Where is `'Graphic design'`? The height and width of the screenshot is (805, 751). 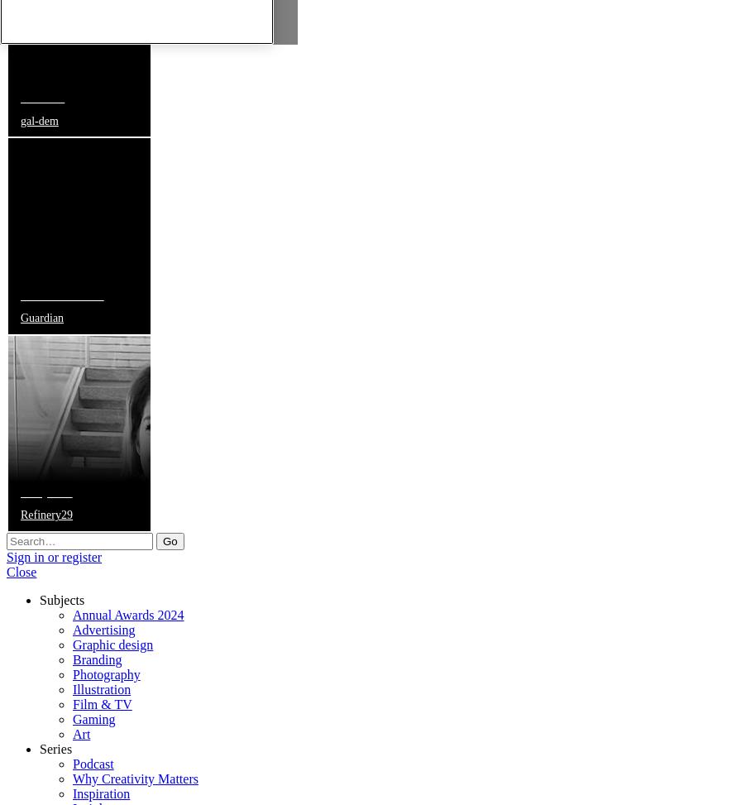
'Graphic design' is located at coordinates (71, 643).